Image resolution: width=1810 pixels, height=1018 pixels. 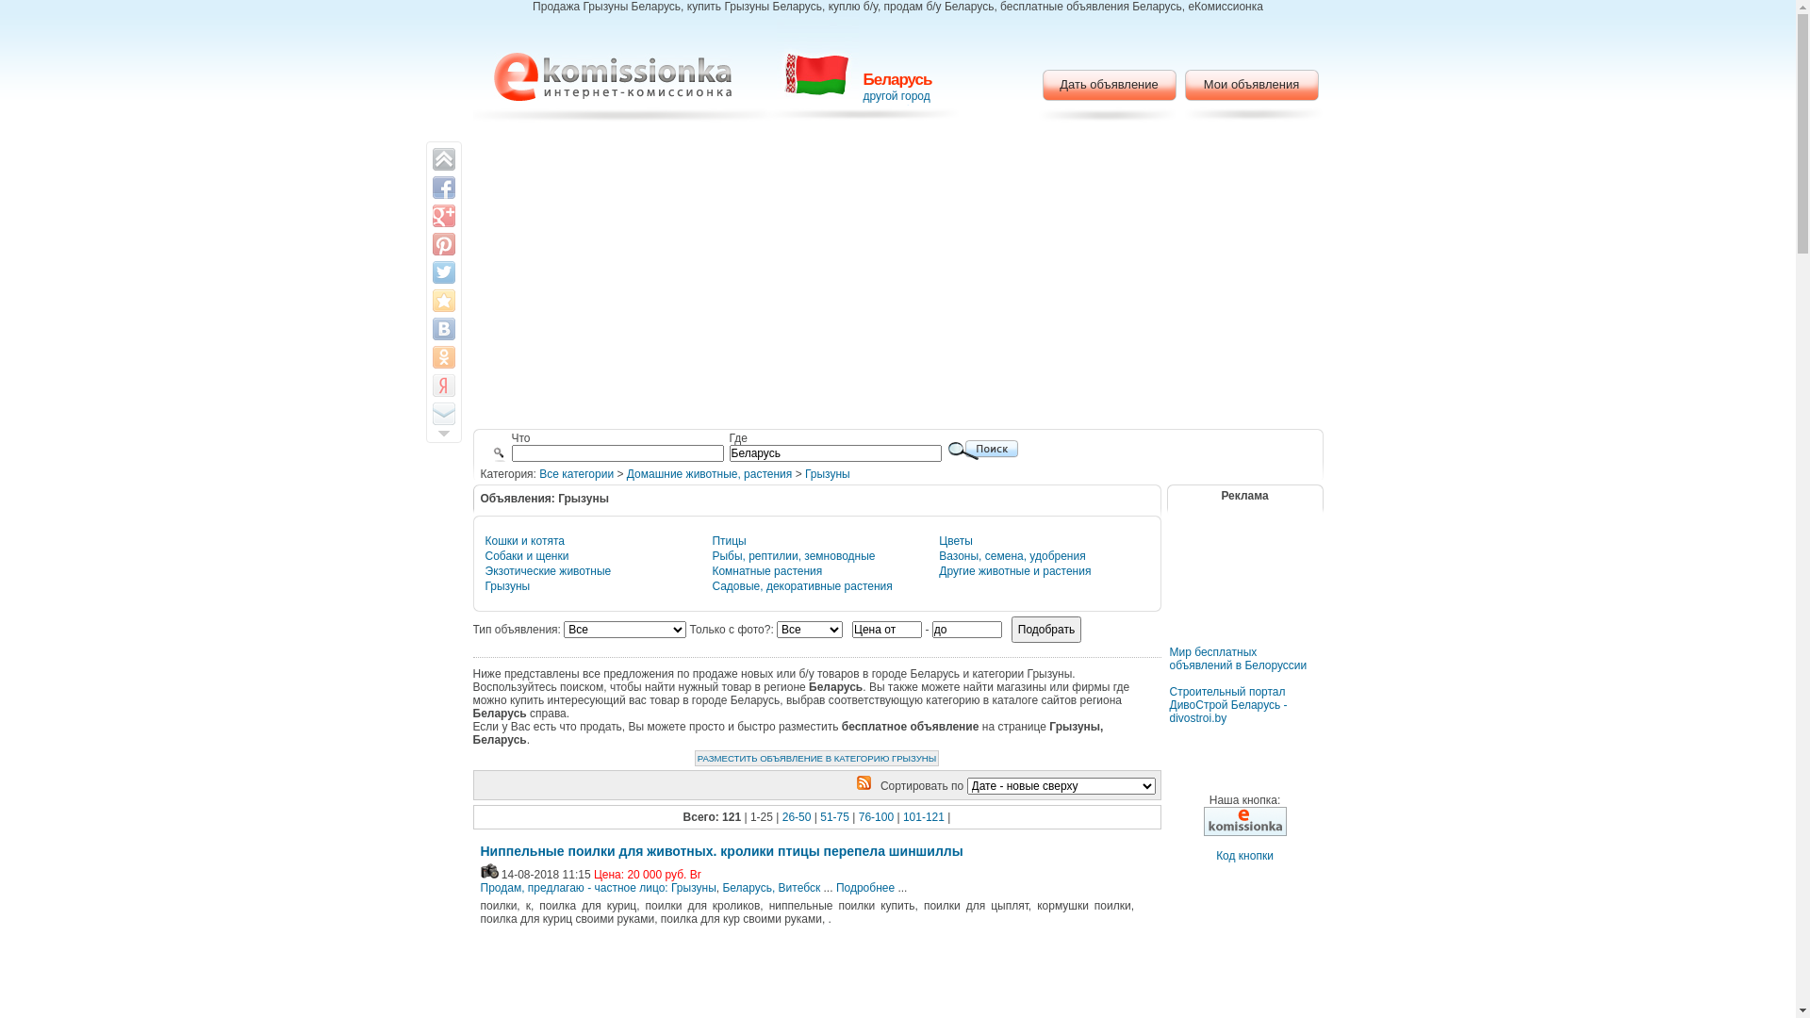 I want to click on 'Email this to a friend', so click(x=442, y=413).